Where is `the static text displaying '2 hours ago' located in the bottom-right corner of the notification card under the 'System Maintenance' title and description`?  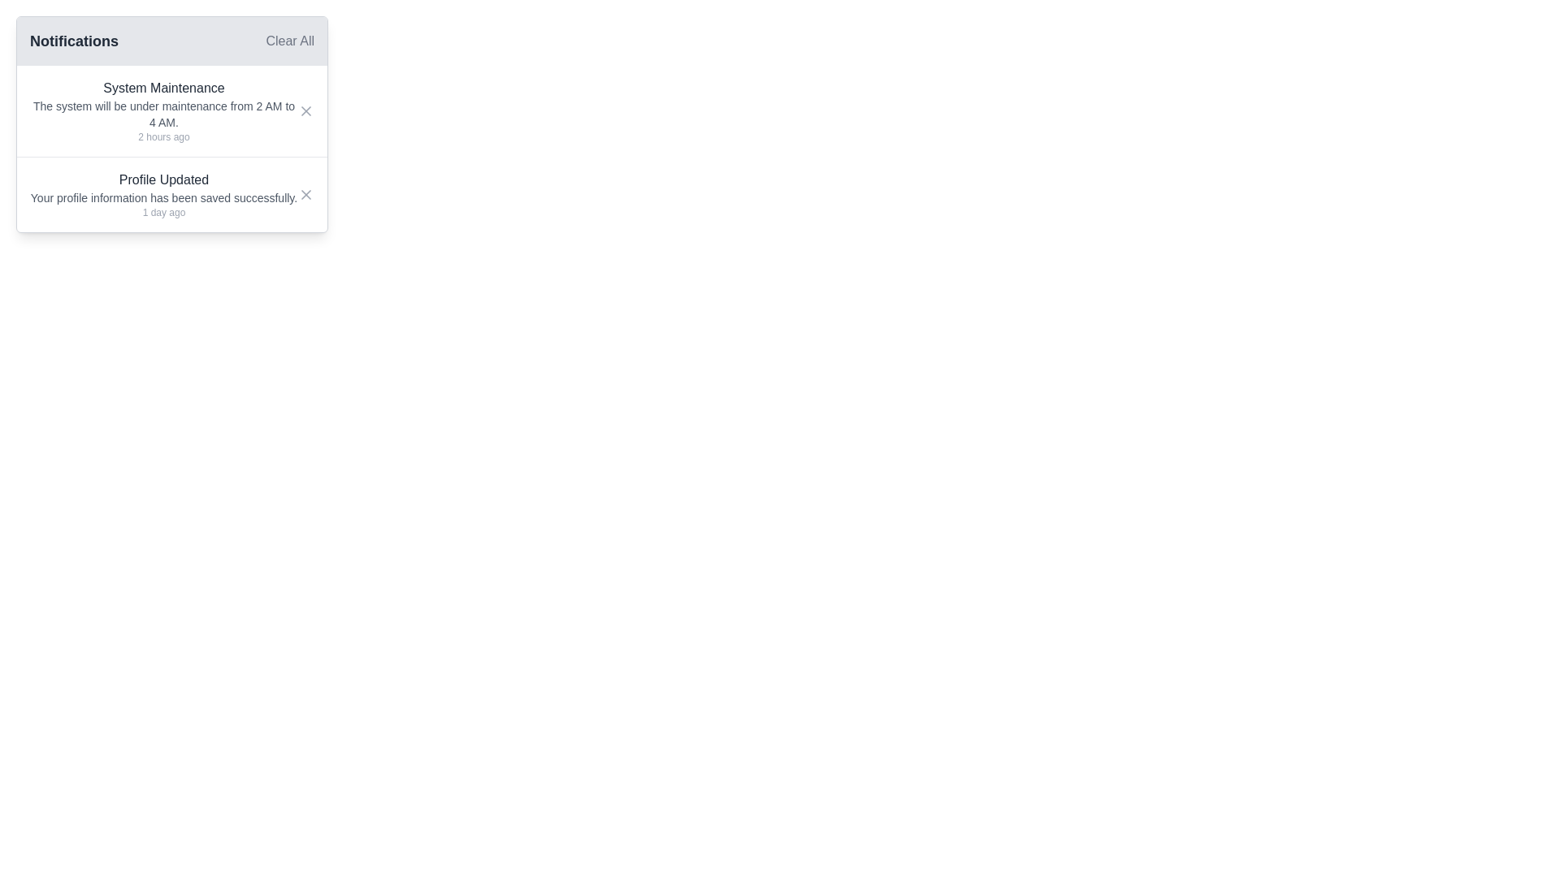
the static text displaying '2 hours ago' located in the bottom-right corner of the notification card under the 'System Maintenance' title and description is located at coordinates (163, 136).